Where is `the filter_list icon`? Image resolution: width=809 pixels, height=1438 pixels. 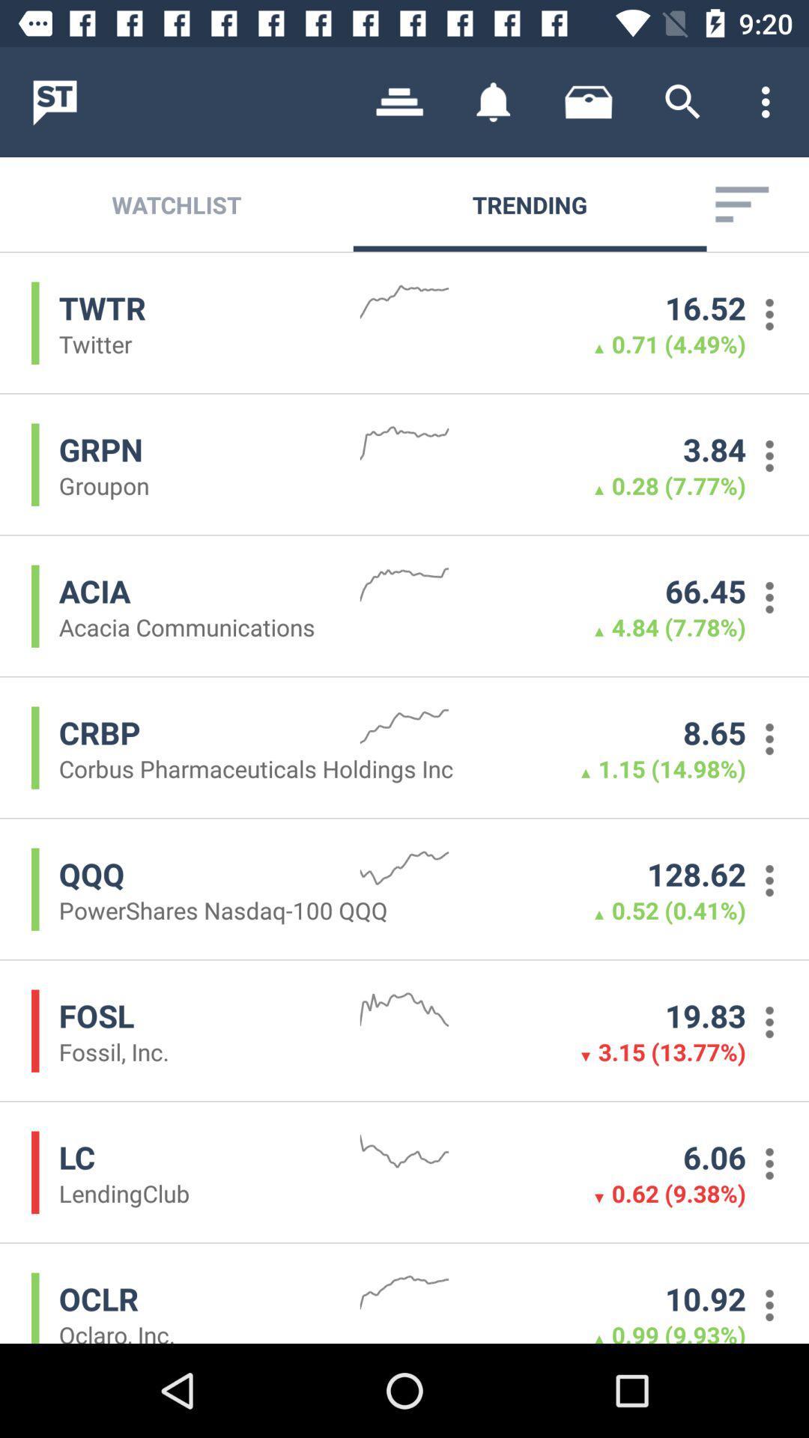
the filter_list icon is located at coordinates (742, 204).